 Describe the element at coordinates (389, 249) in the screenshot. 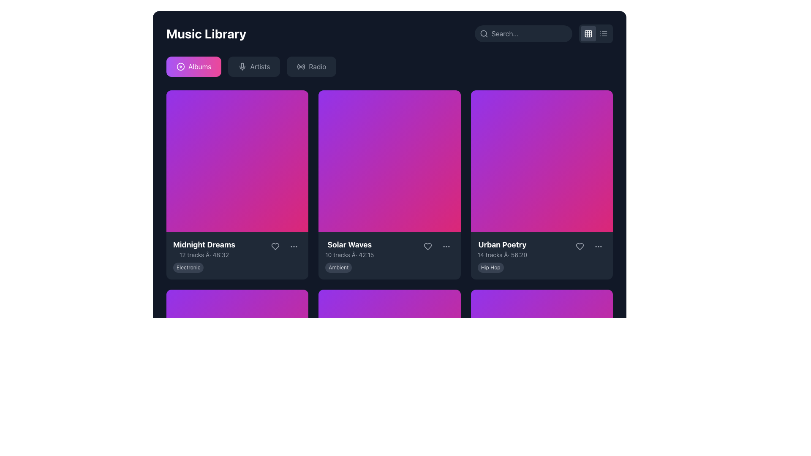

I see `the 'Solar Waves' album entry card` at that location.